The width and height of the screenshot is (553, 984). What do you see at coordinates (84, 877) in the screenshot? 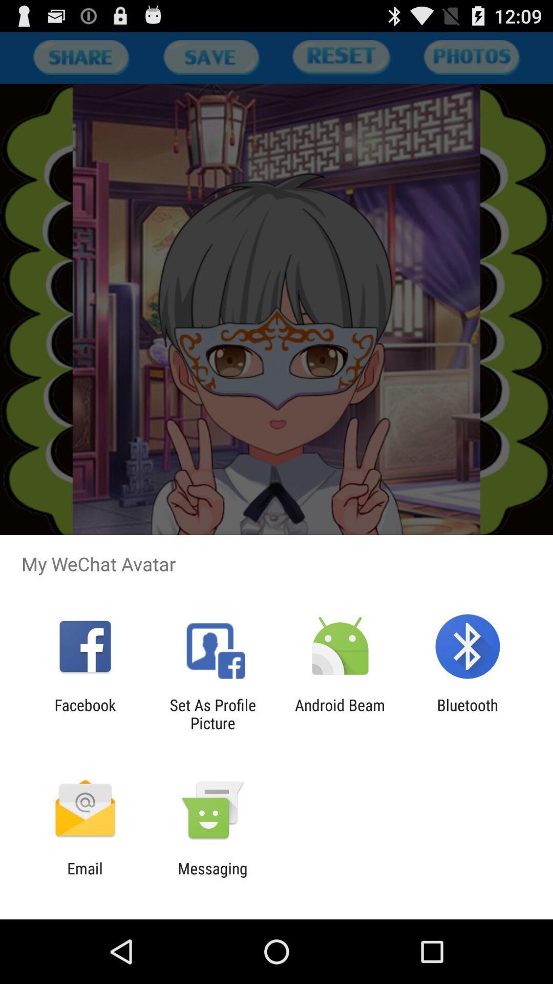
I see `the icon next to the messaging icon` at bounding box center [84, 877].